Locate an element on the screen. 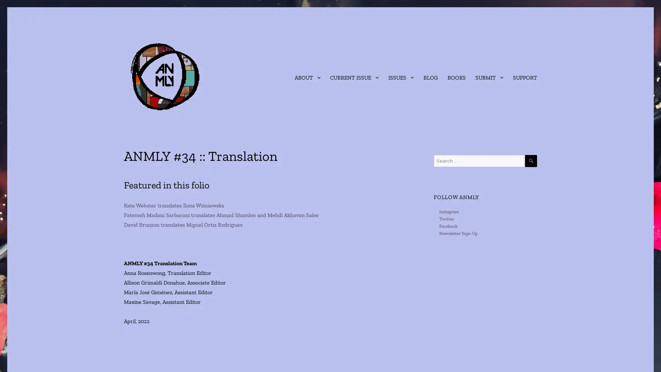 This screenshot has width=661, height=372. SEARCH is located at coordinates (531, 161).